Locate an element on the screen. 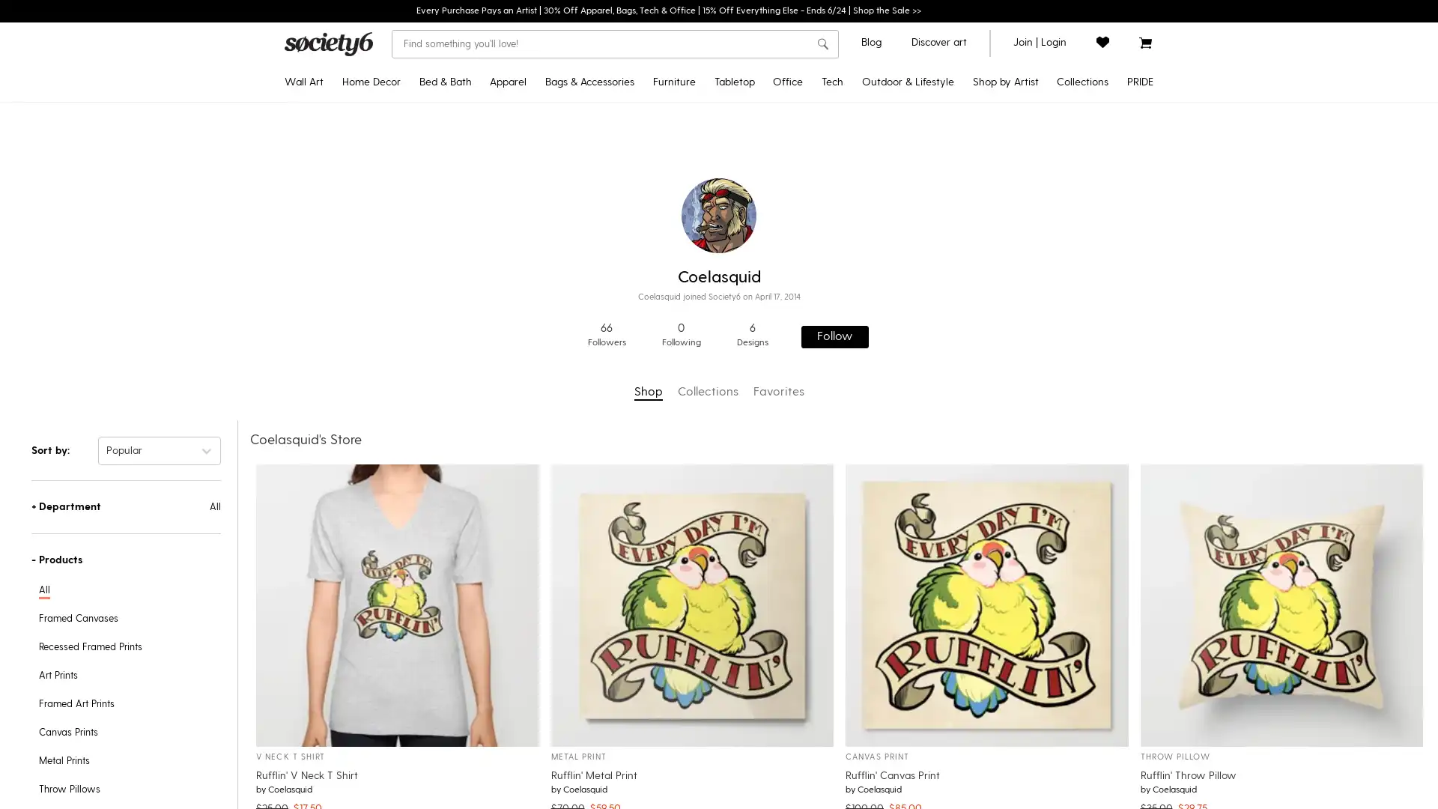  Water Bottles is located at coordinates (927, 193).